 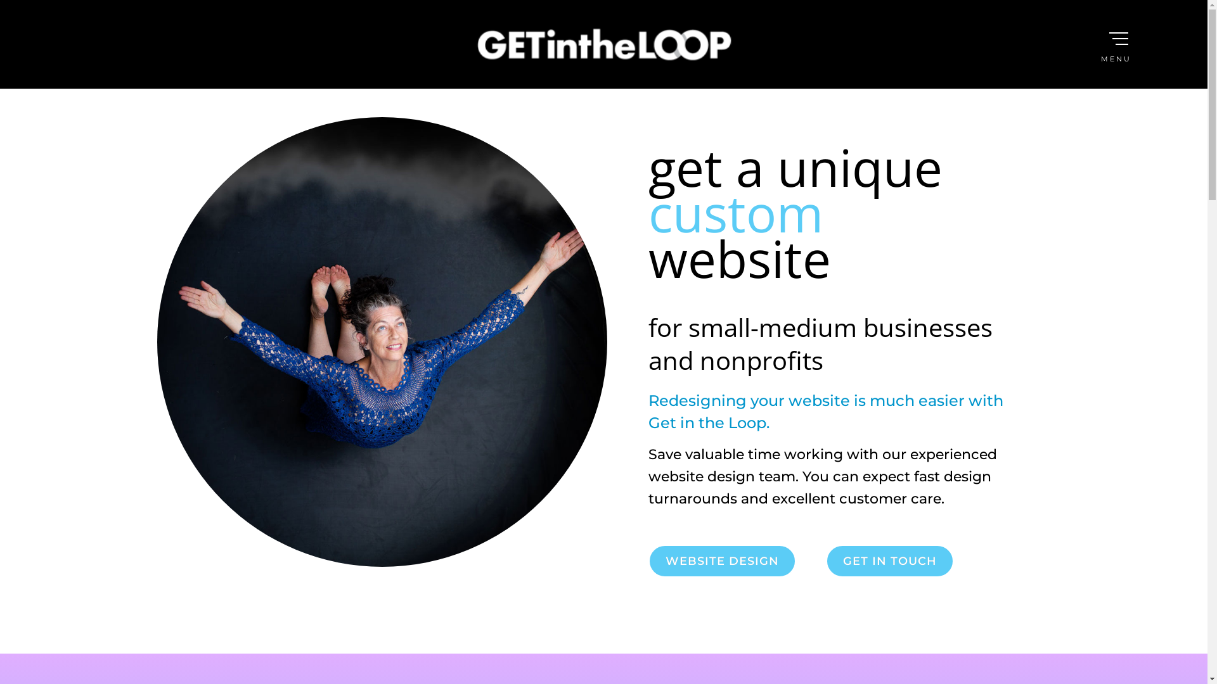 What do you see at coordinates (888, 560) in the screenshot?
I see `'GET IN TOUCH'` at bounding box center [888, 560].